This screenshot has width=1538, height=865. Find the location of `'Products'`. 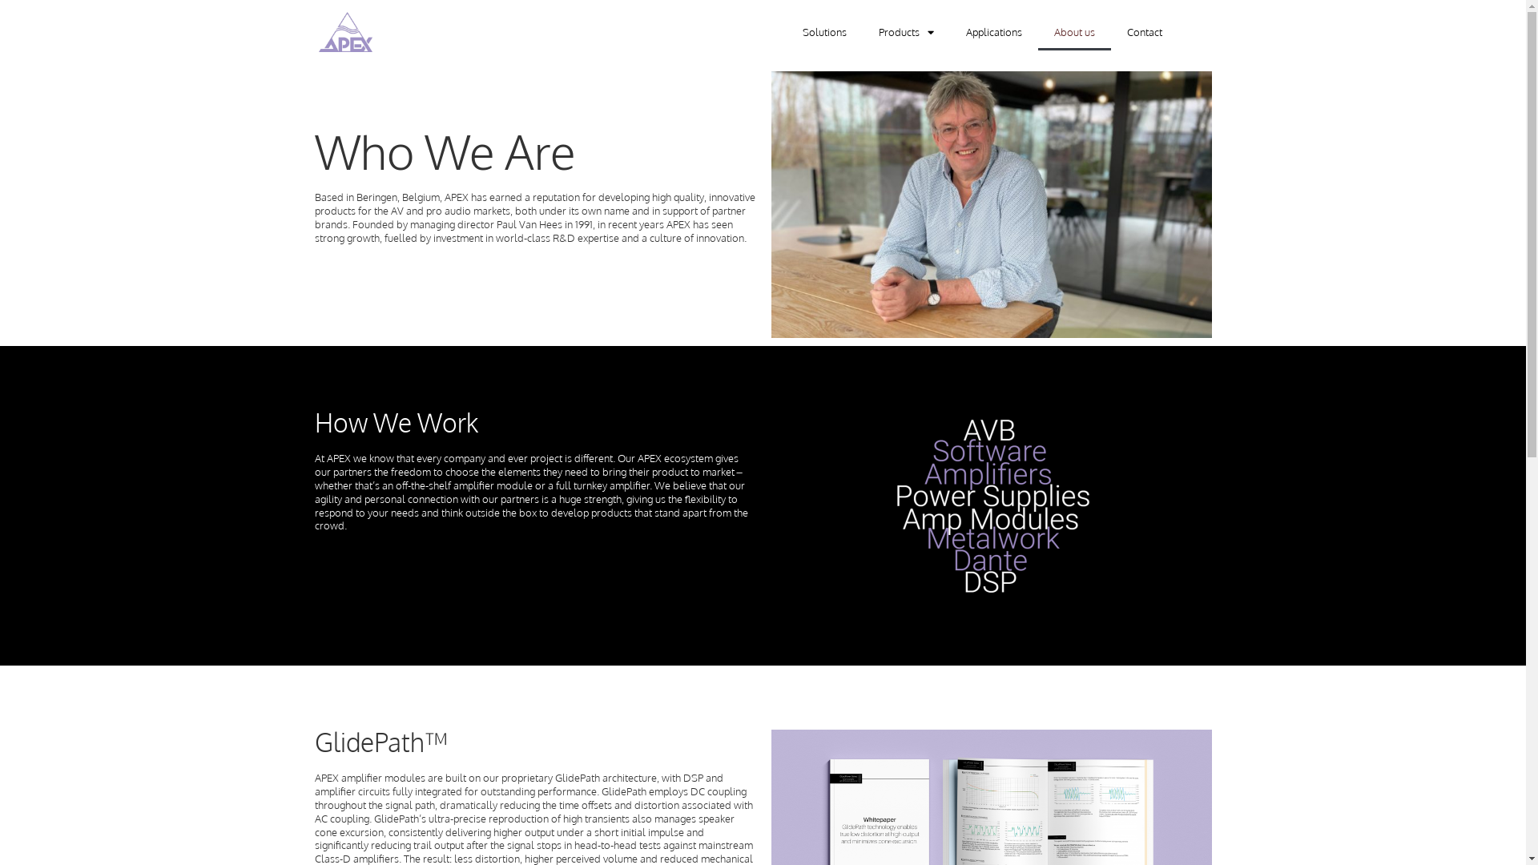

'Products' is located at coordinates (860, 31).